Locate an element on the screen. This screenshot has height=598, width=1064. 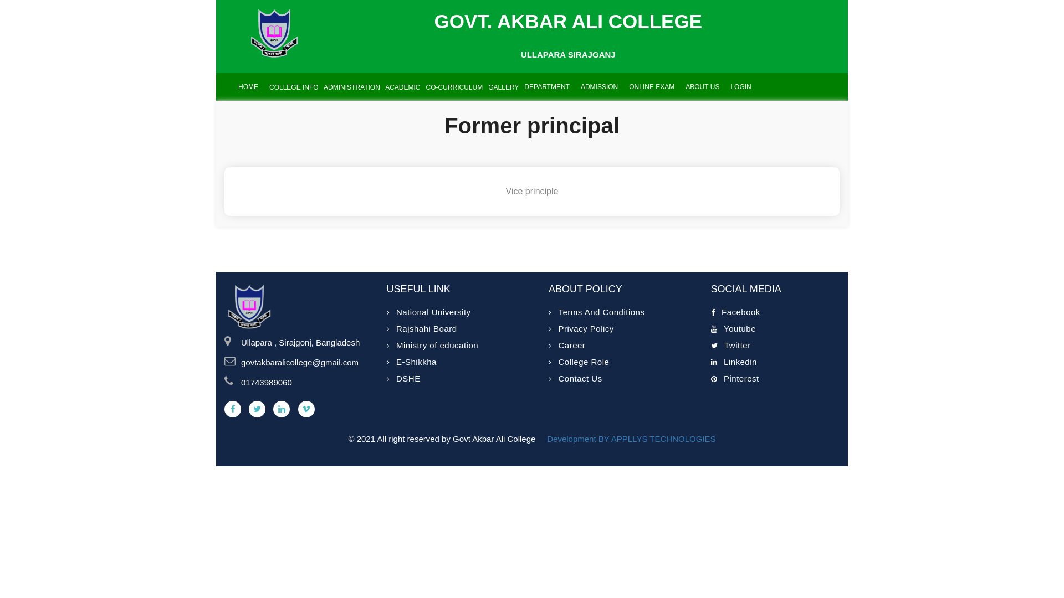
'ABOUT US' is located at coordinates (702, 86).